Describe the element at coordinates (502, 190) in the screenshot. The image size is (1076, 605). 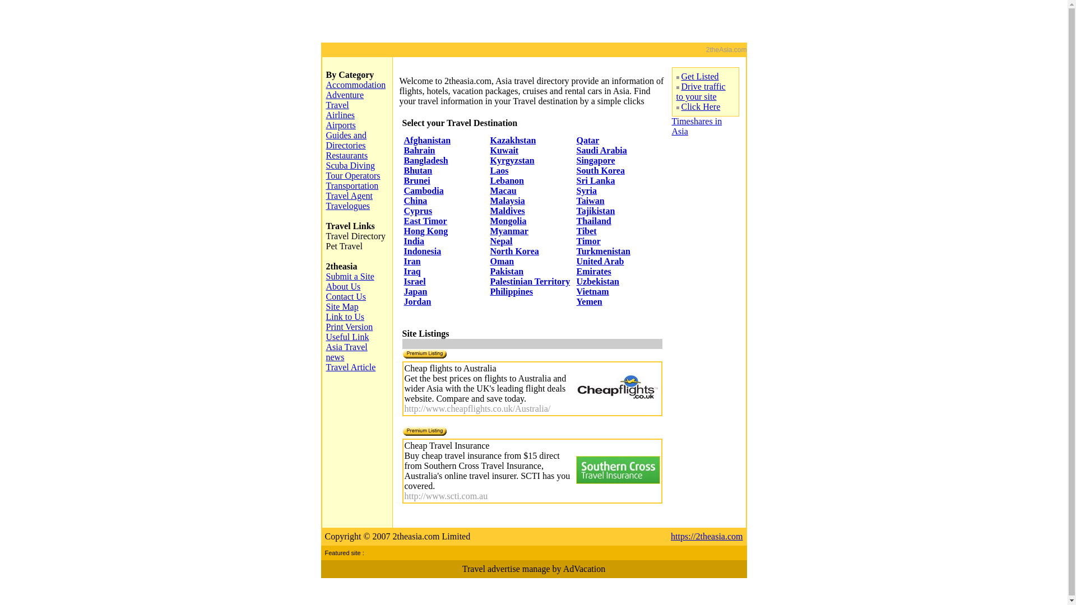
I see `'Macau'` at that location.